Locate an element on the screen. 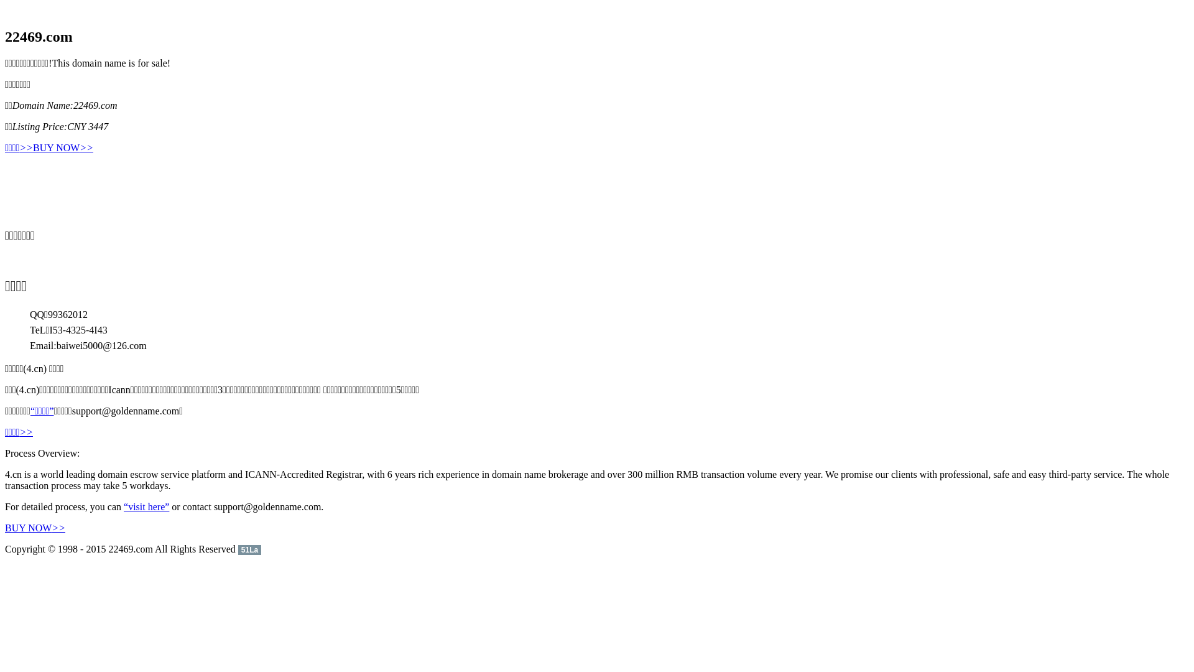 The image size is (1194, 672). 'BUY NOW>>' is located at coordinates (32, 147).